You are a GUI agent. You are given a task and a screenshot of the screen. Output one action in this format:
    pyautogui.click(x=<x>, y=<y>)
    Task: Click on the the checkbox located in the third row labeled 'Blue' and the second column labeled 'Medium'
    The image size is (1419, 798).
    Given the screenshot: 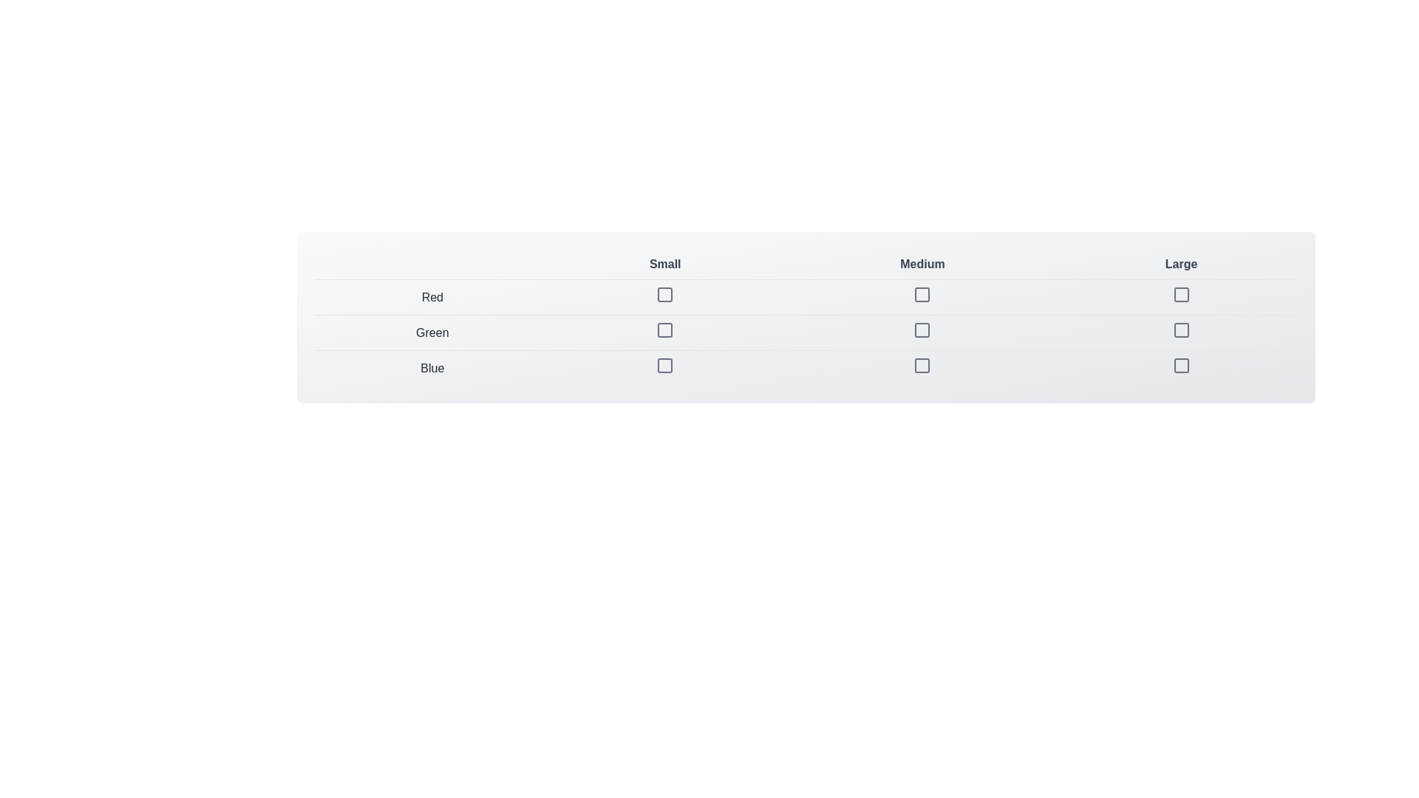 What is the action you would take?
    pyautogui.click(x=922, y=367)
    